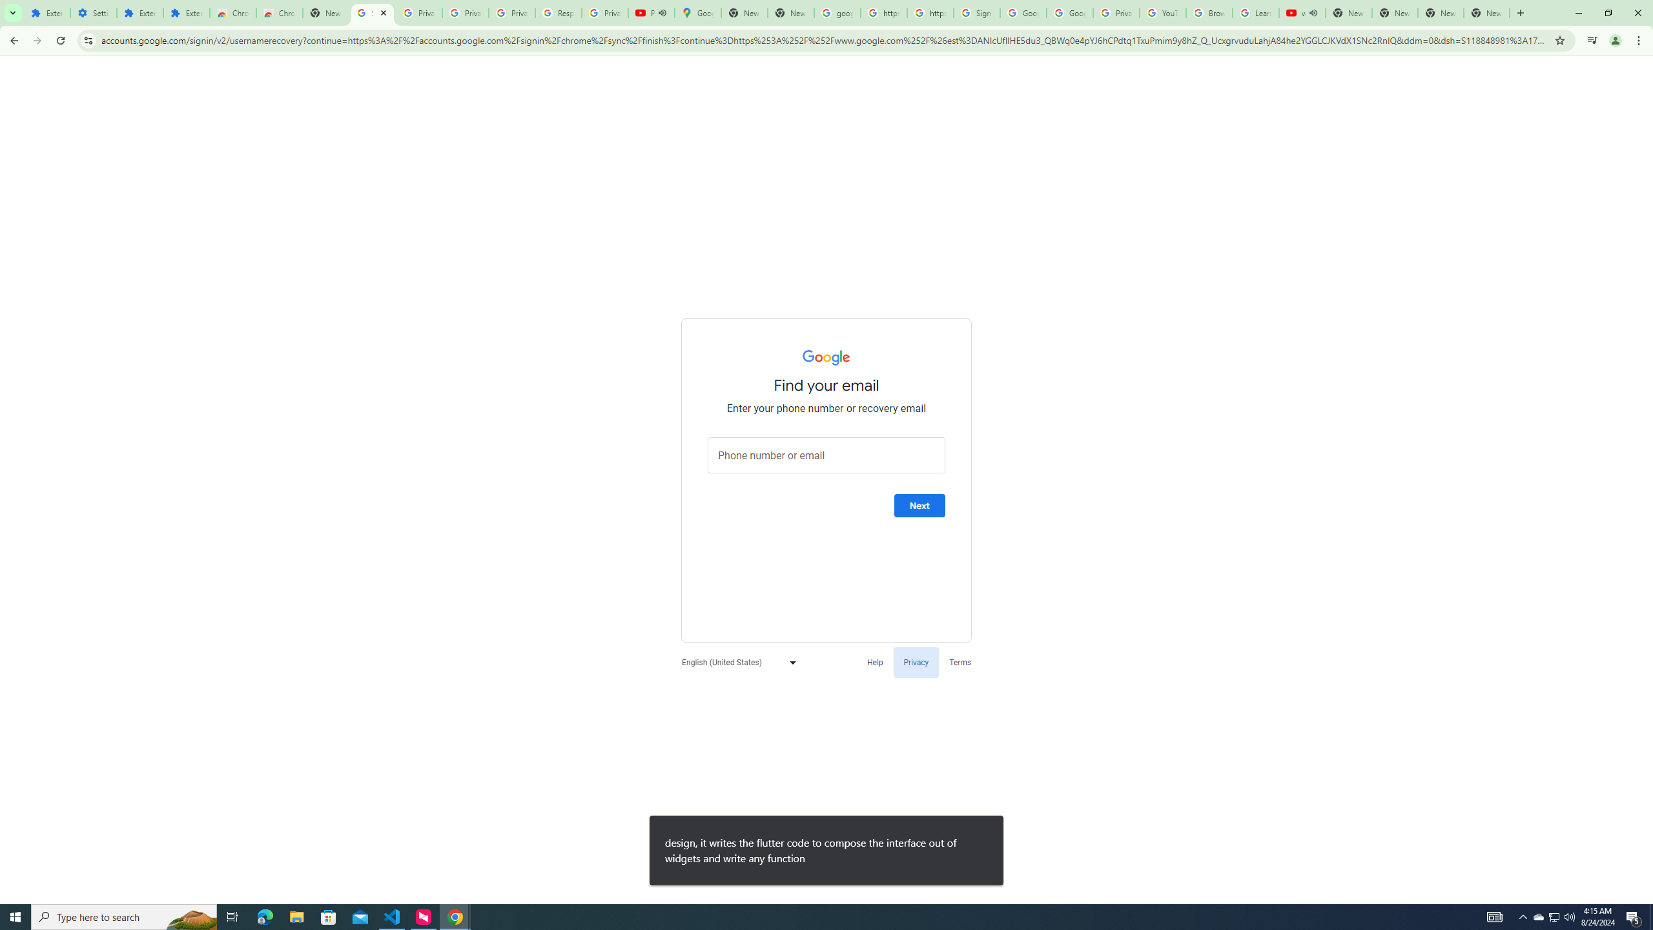 The width and height of the screenshot is (1653, 930). Describe the element at coordinates (651, 12) in the screenshot. I see `'Personalized AI for you | Gemini - YouTube - Audio playing'` at that location.